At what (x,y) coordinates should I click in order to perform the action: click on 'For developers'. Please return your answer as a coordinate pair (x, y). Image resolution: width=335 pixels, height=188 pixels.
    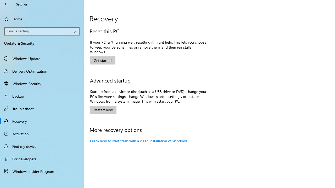
    Looking at the image, I should click on (42, 158).